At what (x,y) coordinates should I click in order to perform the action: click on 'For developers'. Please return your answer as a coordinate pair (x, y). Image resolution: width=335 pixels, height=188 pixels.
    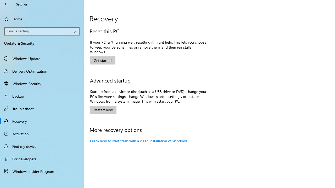
    Looking at the image, I should click on (42, 158).